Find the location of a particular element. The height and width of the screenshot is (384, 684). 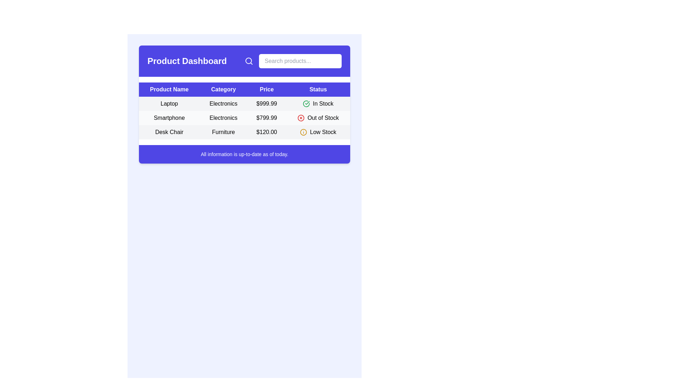

the 'Out of Stock' status icon for the product 'Smartphone' located in the second row of the product status column is located at coordinates (301, 117).